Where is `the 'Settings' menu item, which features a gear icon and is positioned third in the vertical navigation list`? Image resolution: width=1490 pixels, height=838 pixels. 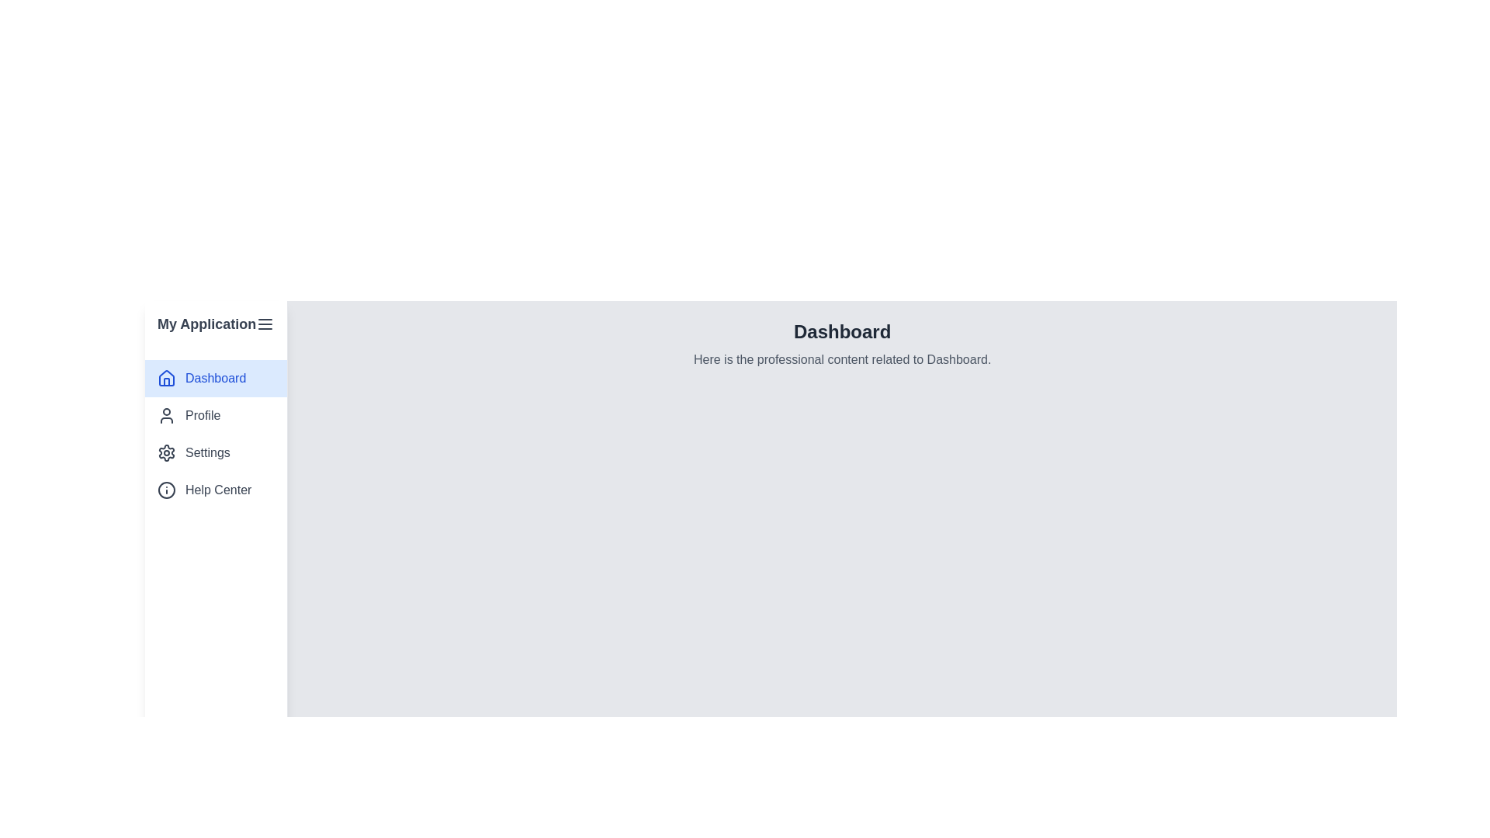 the 'Settings' menu item, which features a gear icon and is positioned third in the vertical navigation list is located at coordinates (215, 452).